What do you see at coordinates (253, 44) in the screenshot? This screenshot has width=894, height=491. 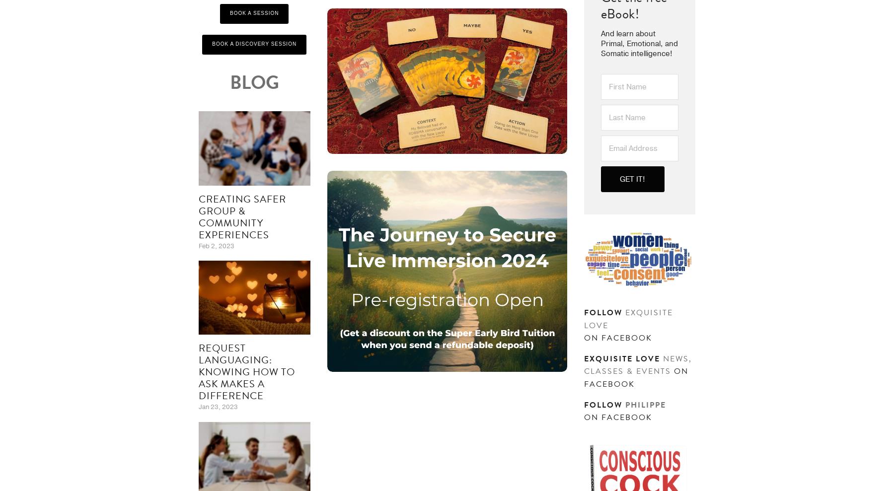 I see `'Book a Discovery Session'` at bounding box center [253, 44].